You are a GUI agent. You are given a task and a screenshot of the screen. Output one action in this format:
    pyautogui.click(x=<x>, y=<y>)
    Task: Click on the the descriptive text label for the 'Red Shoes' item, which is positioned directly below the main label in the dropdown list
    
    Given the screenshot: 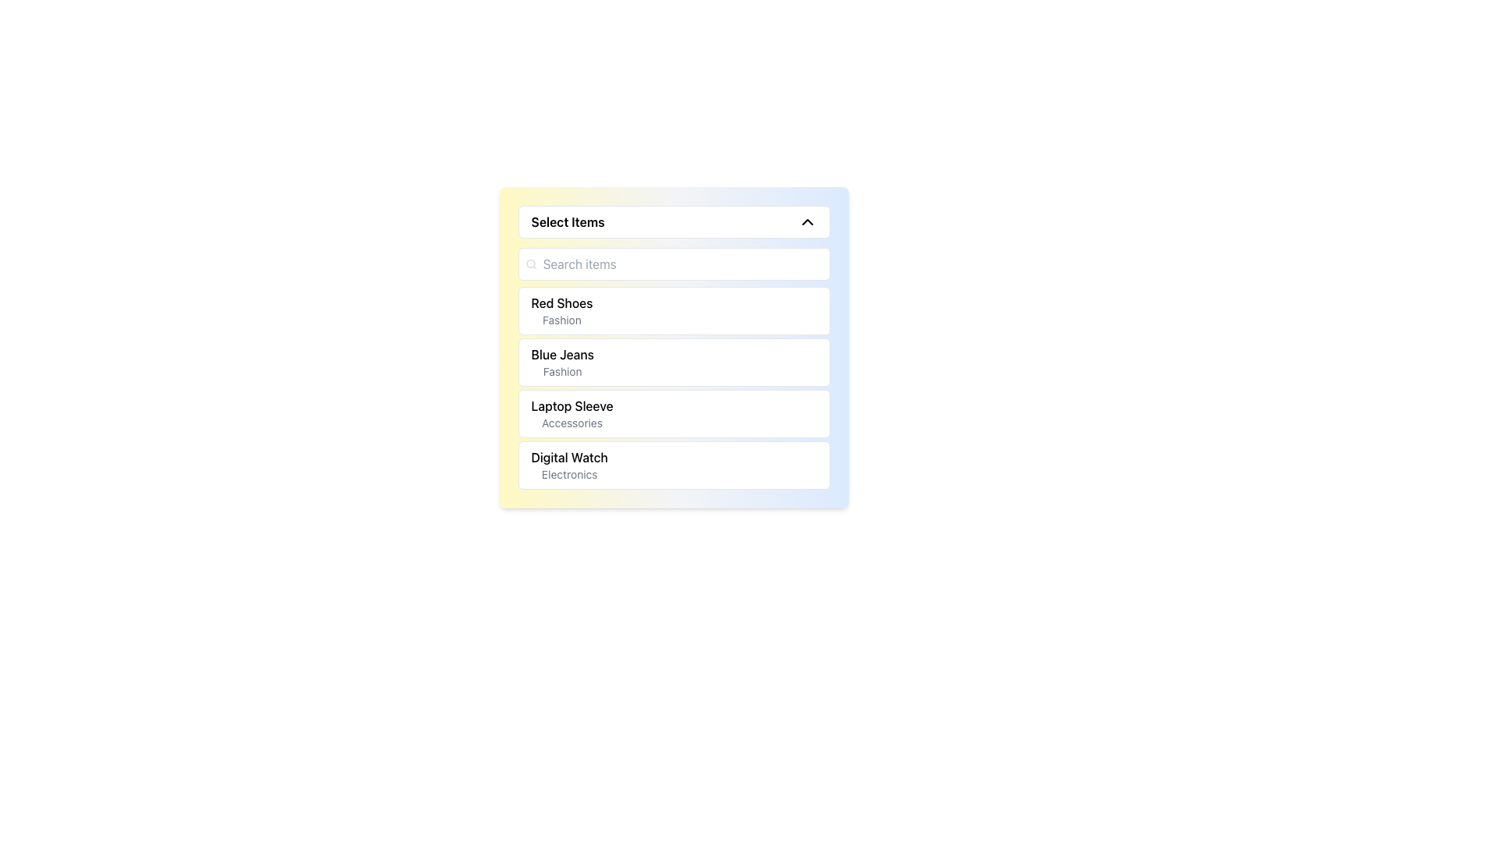 What is the action you would take?
    pyautogui.click(x=561, y=320)
    